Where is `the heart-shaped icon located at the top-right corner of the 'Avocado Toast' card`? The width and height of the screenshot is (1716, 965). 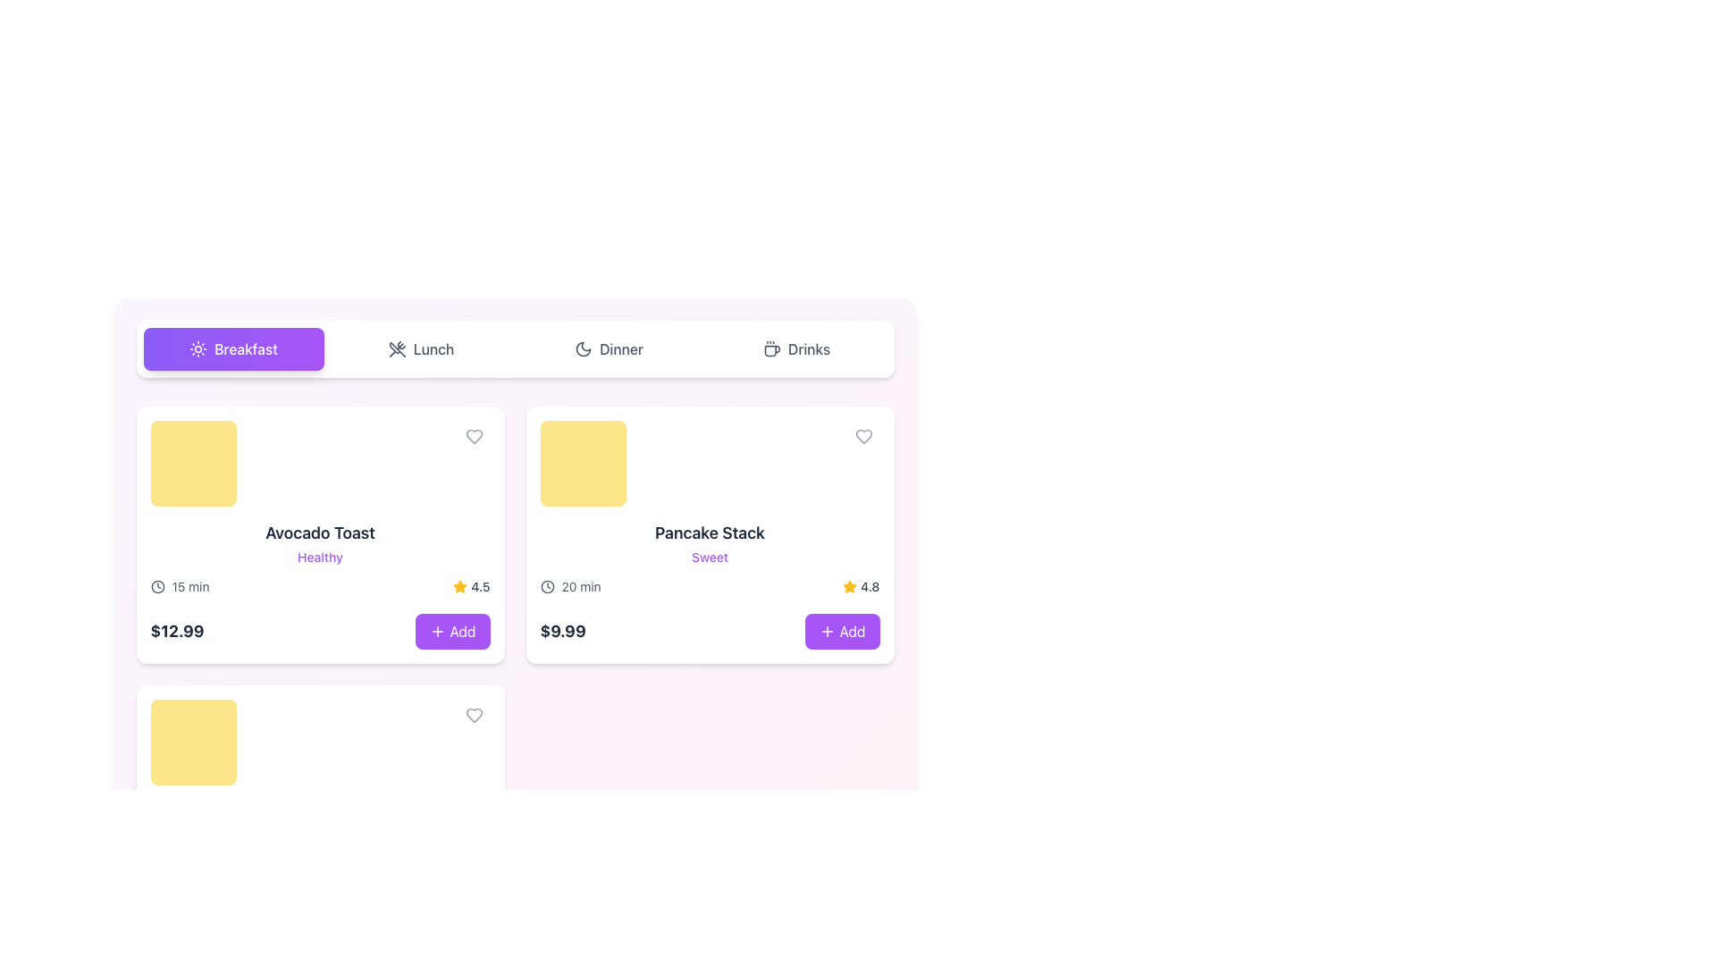
the heart-shaped icon located at the top-right corner of the 'Avocado Toast' card is located at coordinates (474, 715).